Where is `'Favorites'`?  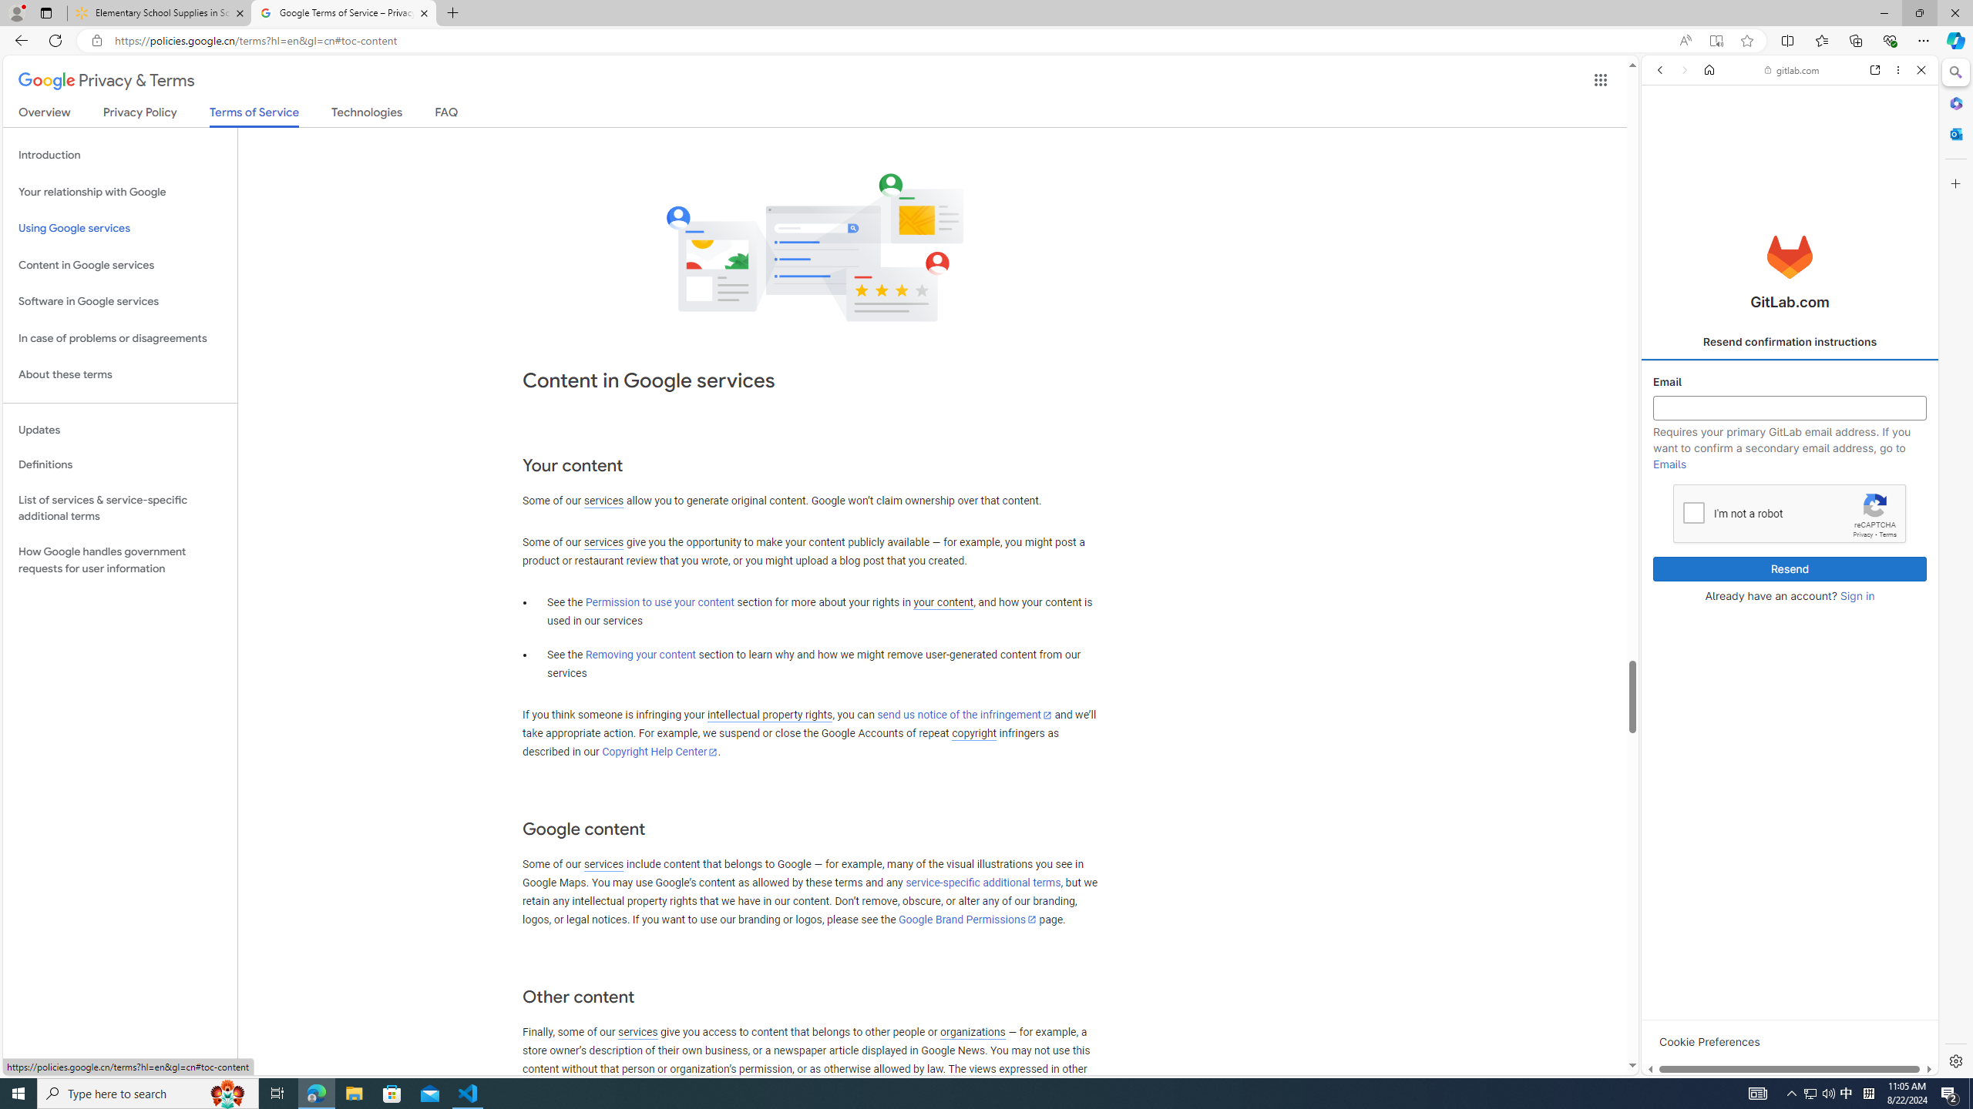
'Favorites' is located at coordinates (1822, 39).